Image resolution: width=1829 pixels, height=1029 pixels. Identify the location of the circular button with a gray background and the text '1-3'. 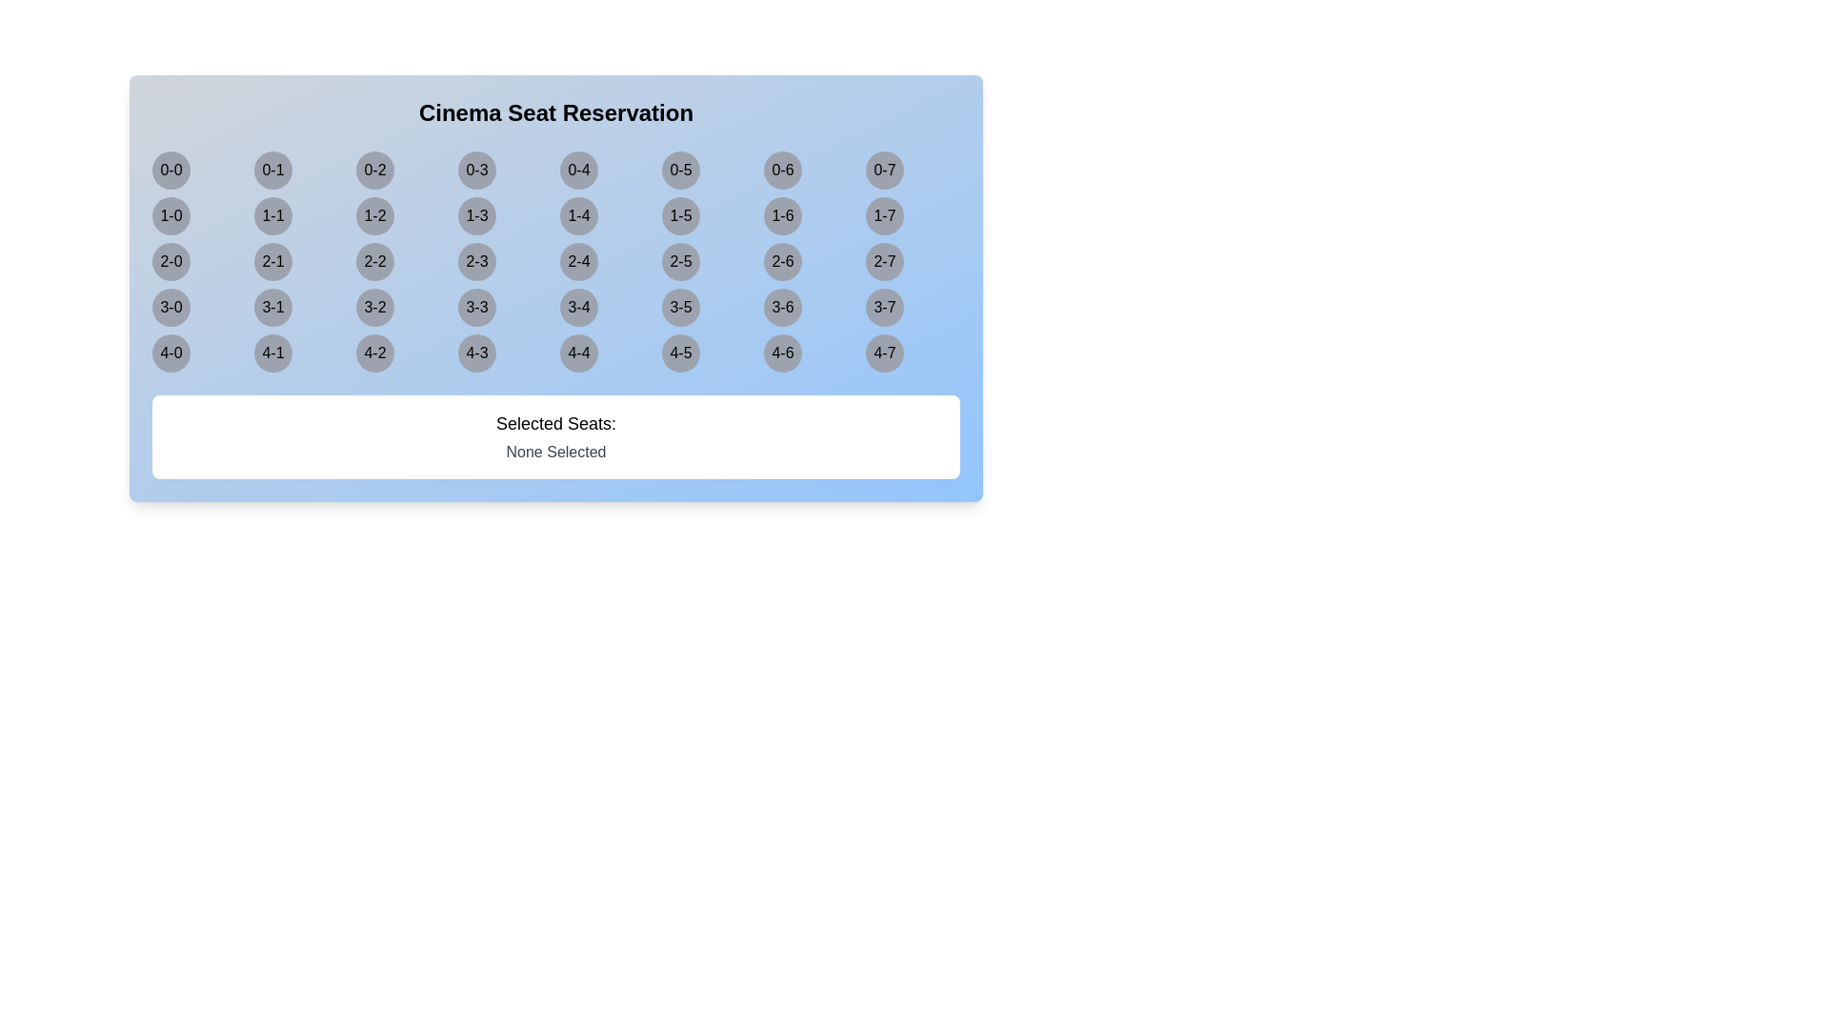
(476, 215).